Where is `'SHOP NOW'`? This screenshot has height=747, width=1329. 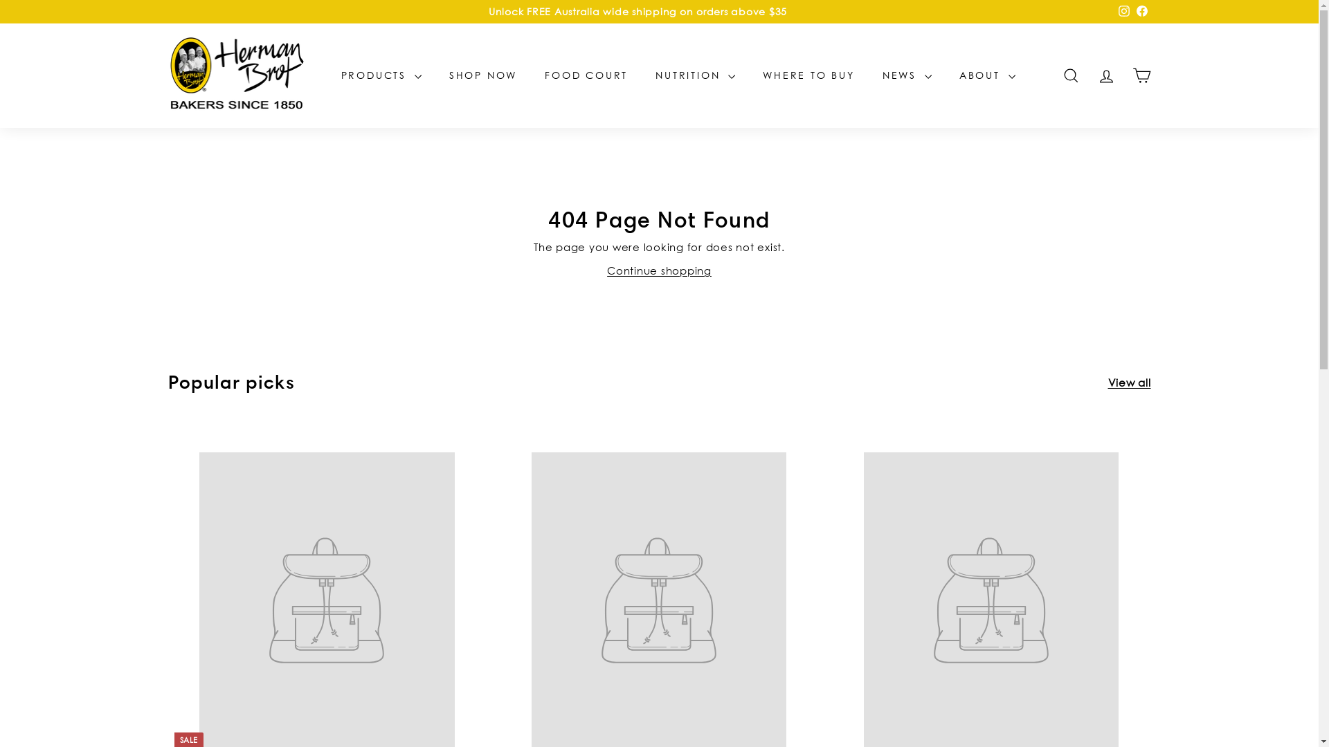
'SHOP NOW' is located at coordinates (434, 75).